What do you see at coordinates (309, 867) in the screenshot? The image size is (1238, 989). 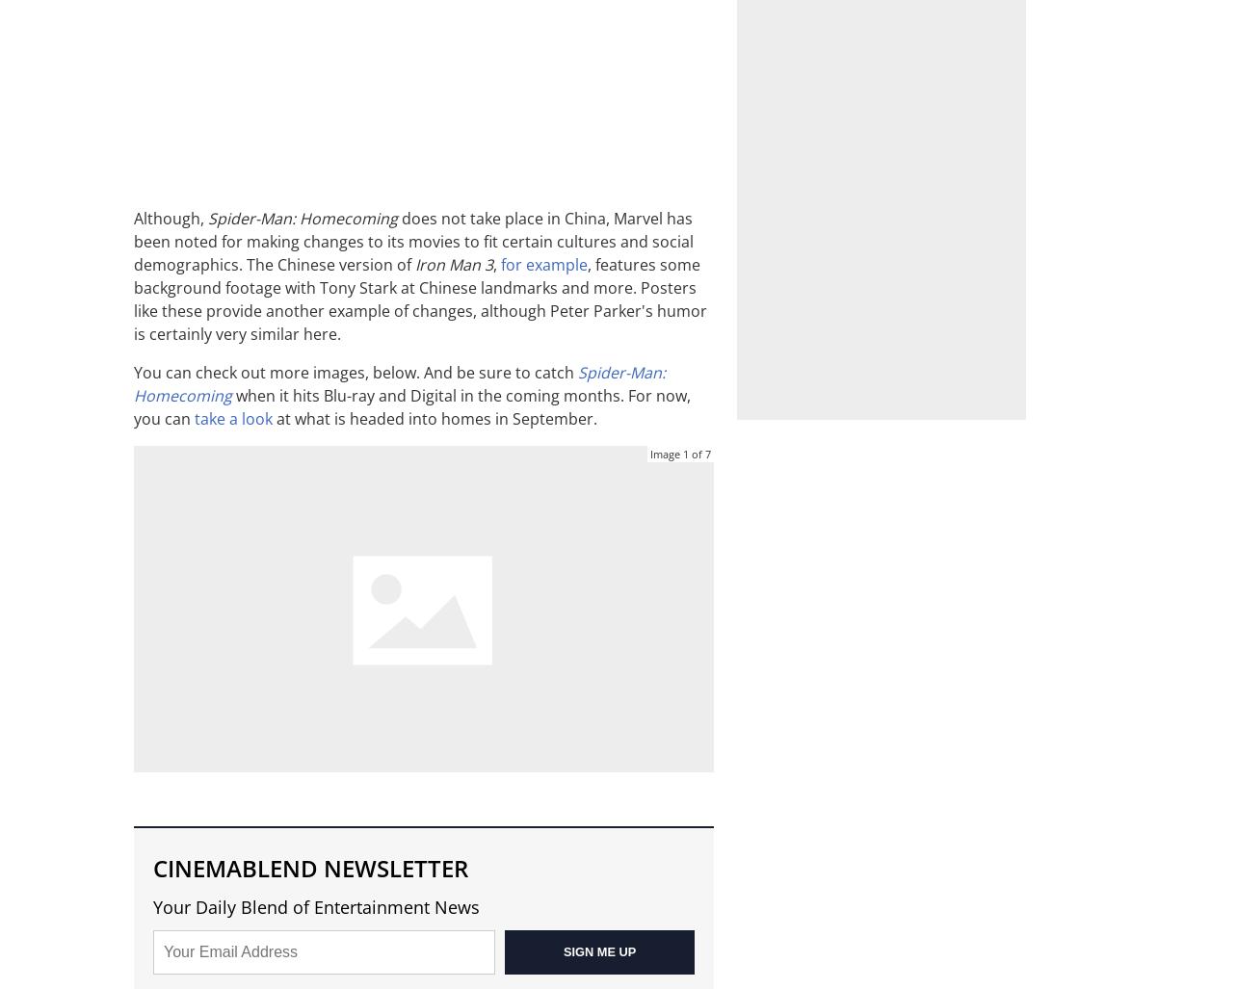 I see `'CINEMABLEND NEWSLETTER'` at bounding box center [309, 867].